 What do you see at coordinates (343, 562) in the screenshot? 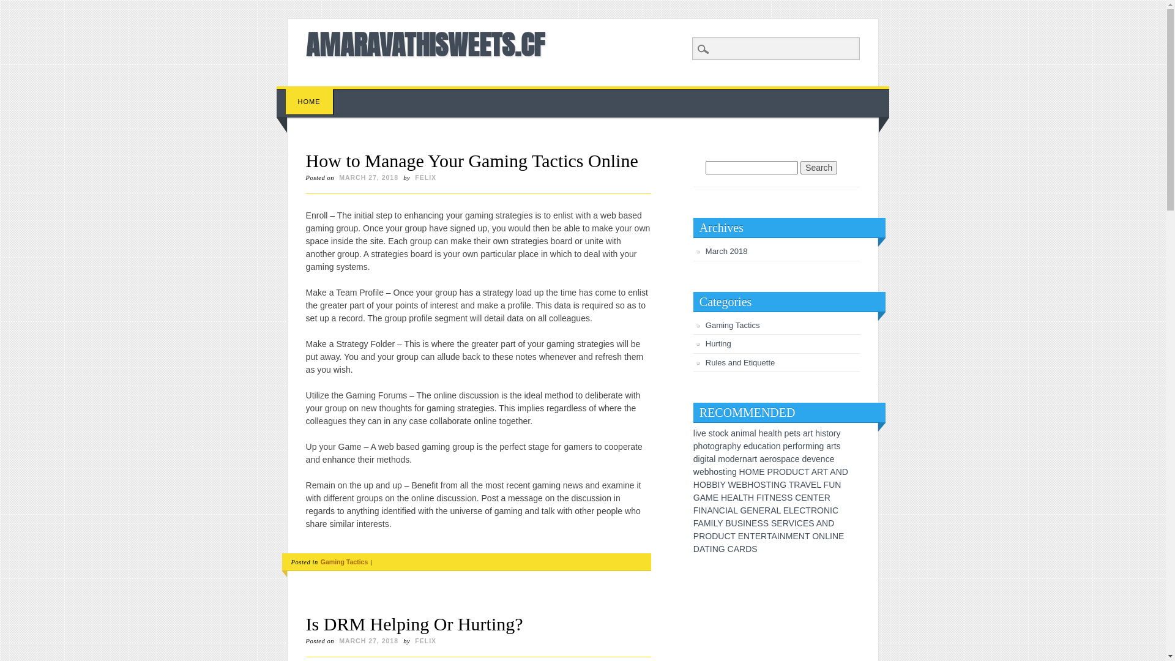
I see `'Gaming Tactics'` at bounding box center [343, 562].